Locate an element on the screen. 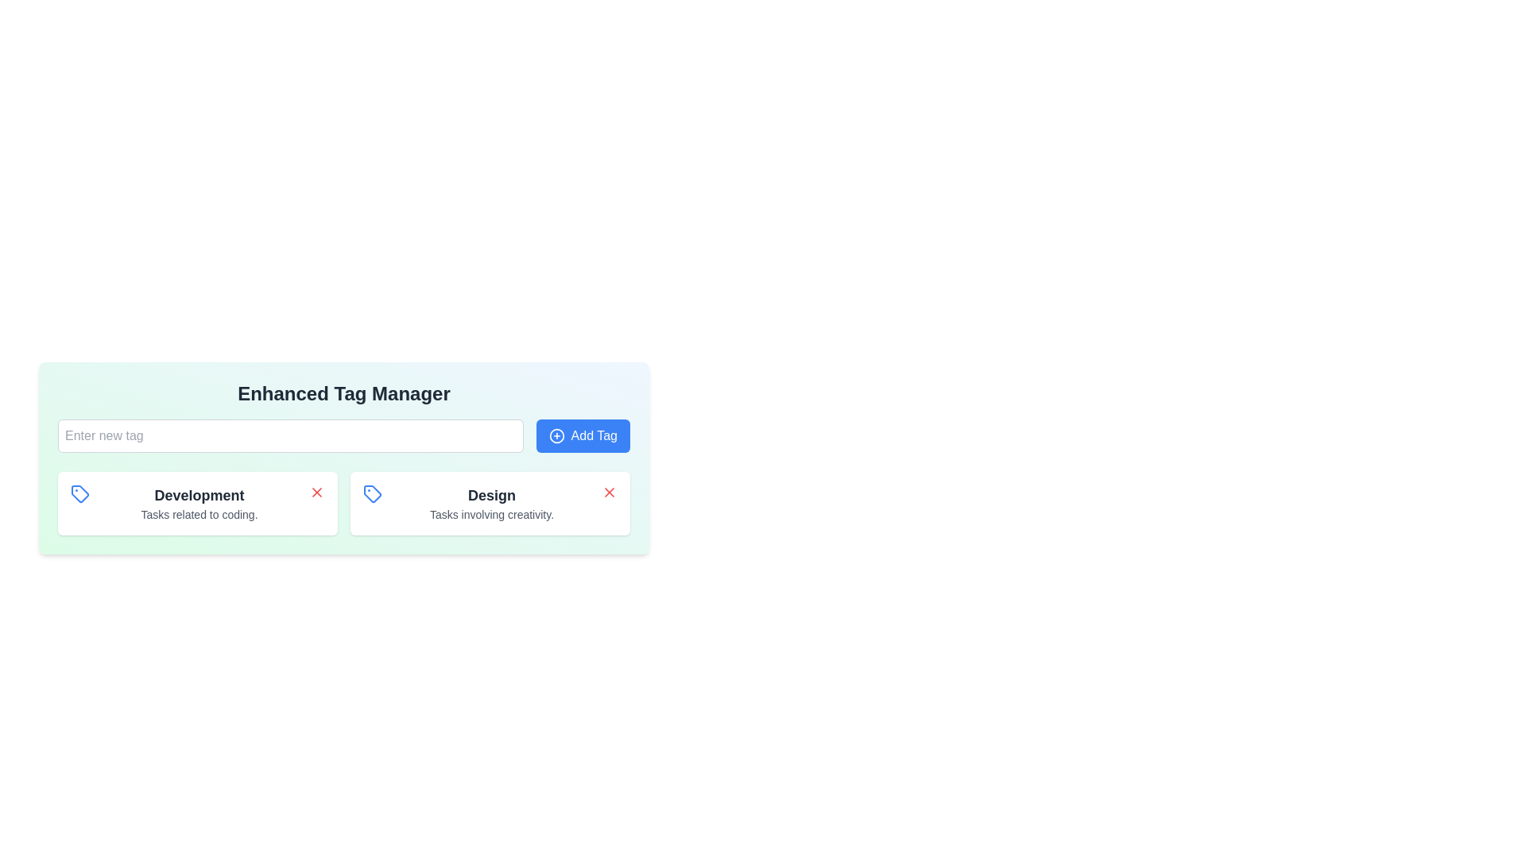  the icon located in the top-right corner of the 'Add Tag' button is located at coordinates (556, 435).